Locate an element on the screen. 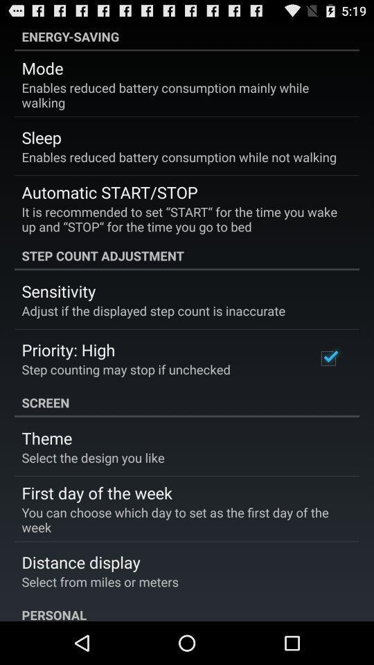 Image resolution: width=374 pixels, height=665 pixels. the icon to the right of the step counting may icon is located at coordinates (328, 357).